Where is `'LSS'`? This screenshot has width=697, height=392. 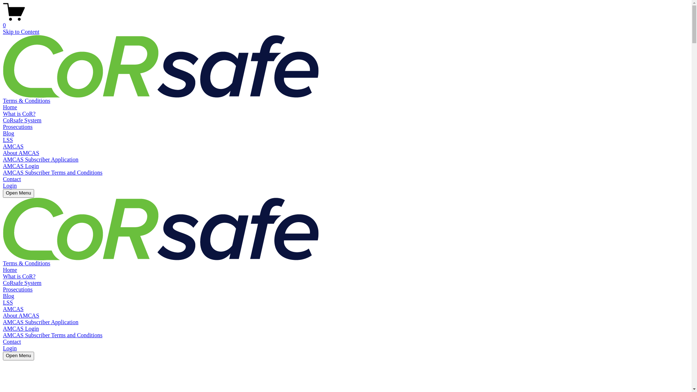 'LSS' is located at coordinates (8, 302).